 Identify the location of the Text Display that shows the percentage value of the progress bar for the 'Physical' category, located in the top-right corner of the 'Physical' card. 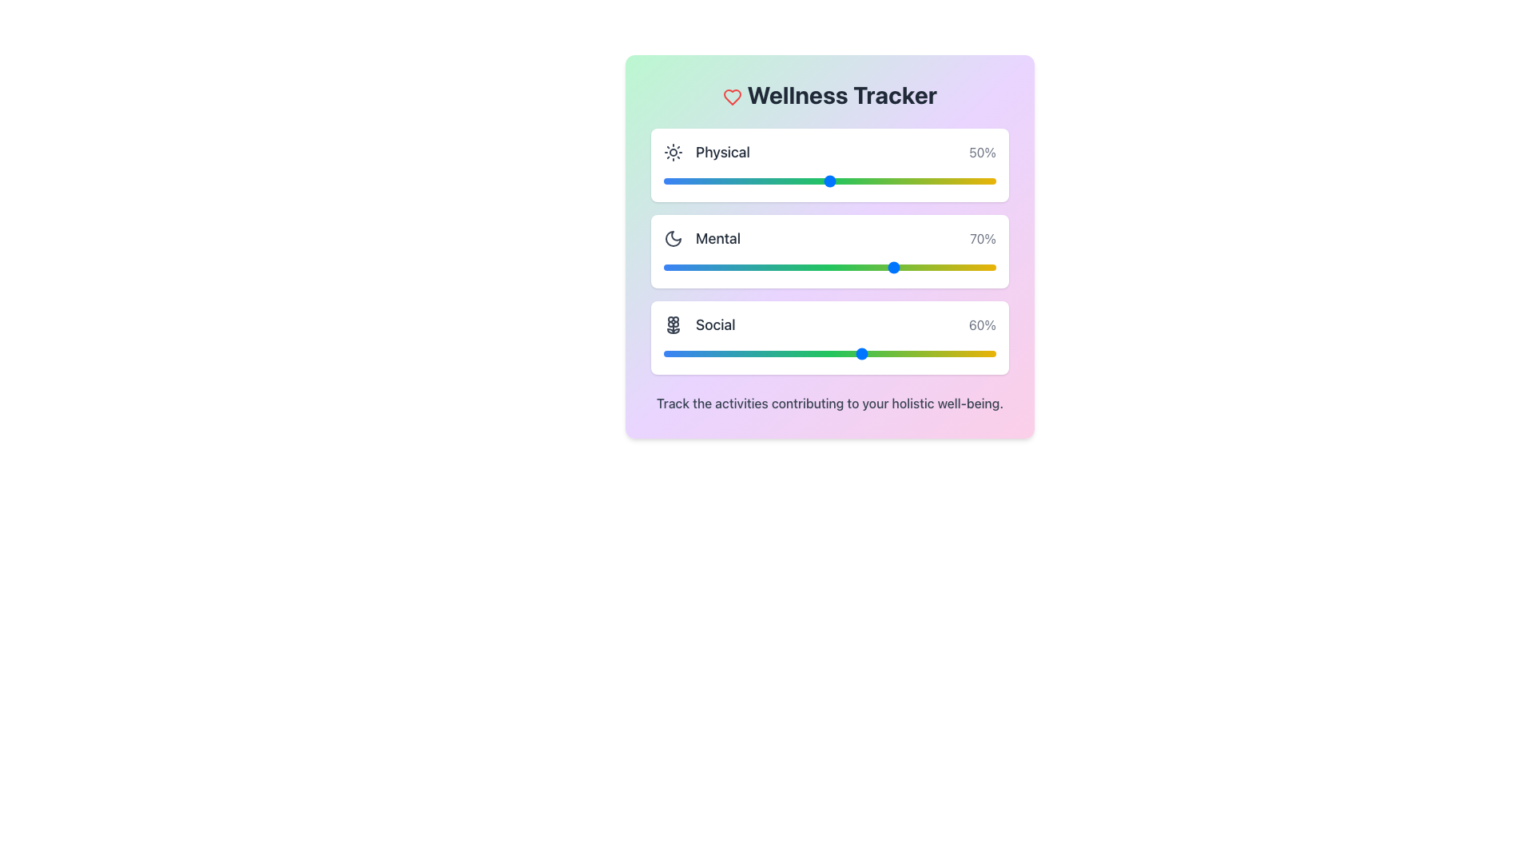
(982, 153).